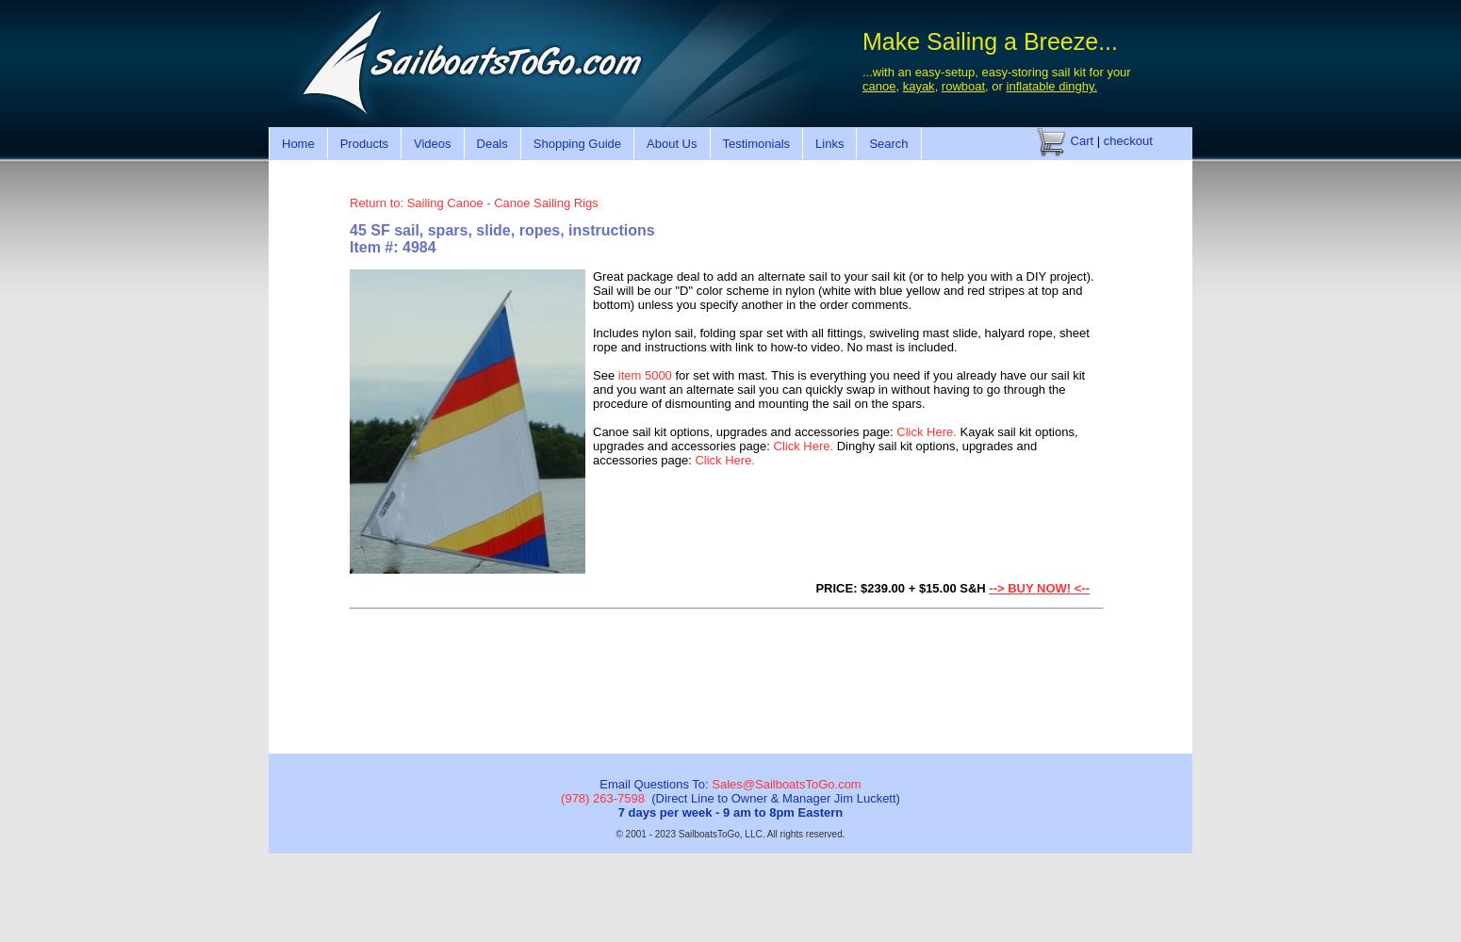  I want to click on 'About Us', so click(671, 142).